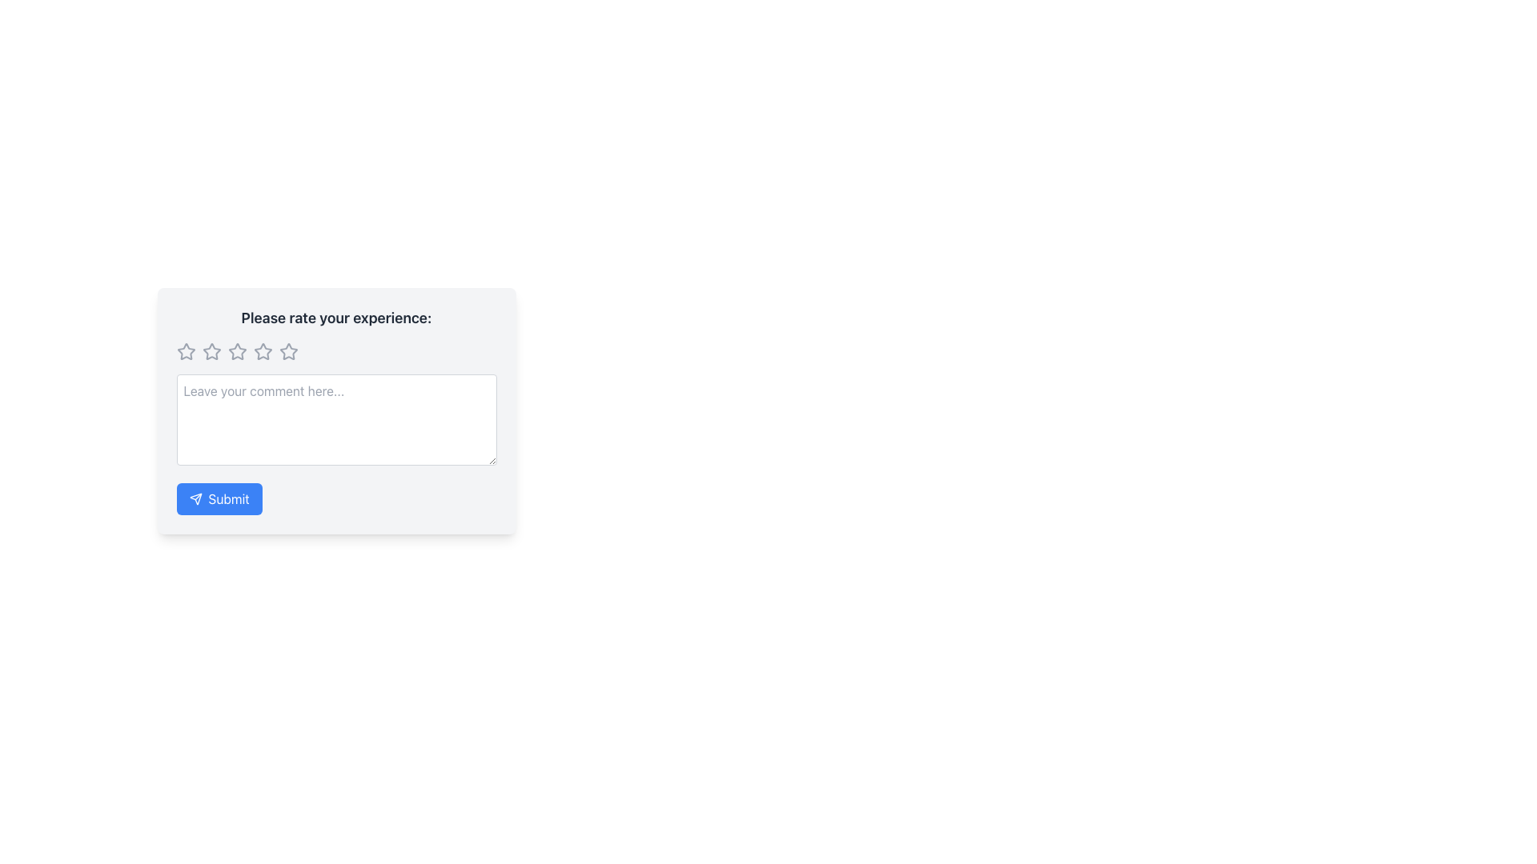  I want to click on the decorative icon on the left side of the 'Submit' text within the blue, rounded 'Submit' button, so click(195, 498).